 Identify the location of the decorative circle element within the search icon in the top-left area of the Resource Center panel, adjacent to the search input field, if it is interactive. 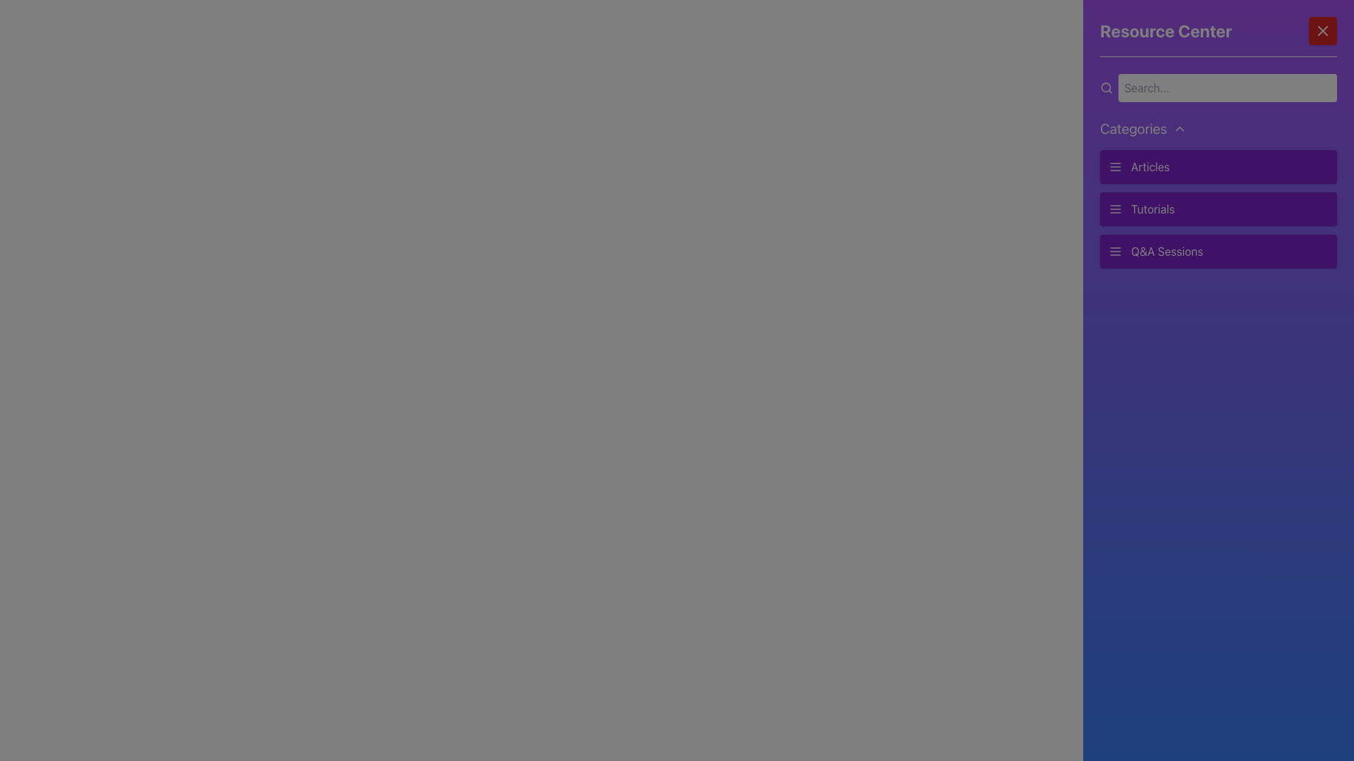
(1105, 87).